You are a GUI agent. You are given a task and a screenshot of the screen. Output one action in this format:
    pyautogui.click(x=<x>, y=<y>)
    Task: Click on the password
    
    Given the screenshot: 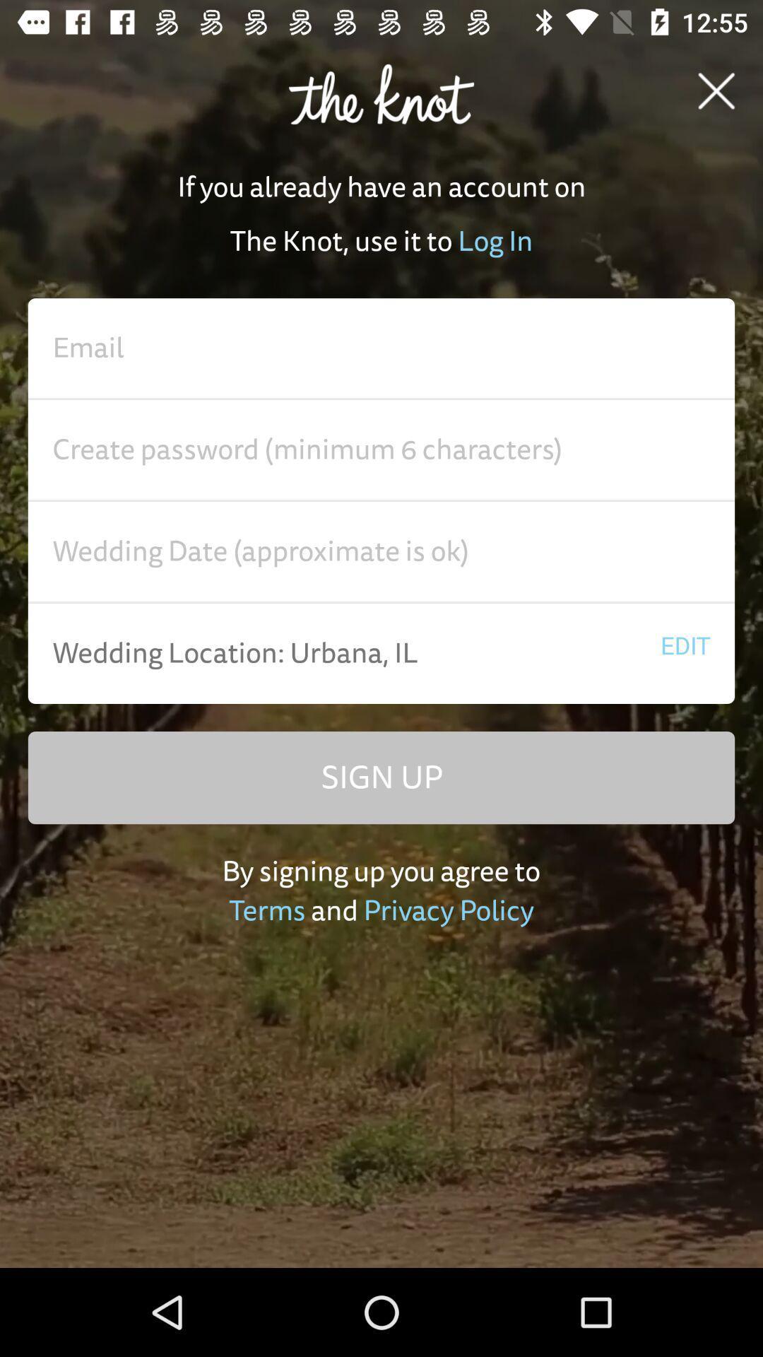 What is the action you would take?
    pyautogui.click(x=381, y=450)
    